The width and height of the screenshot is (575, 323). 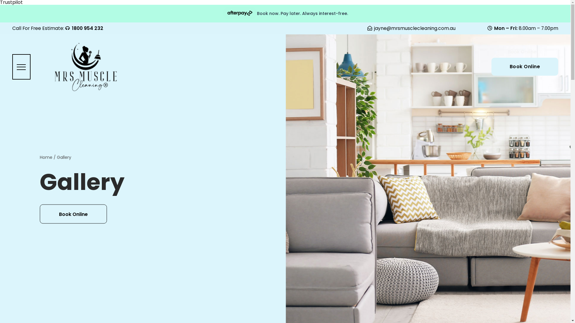 What do you see at coordinates (524, 67) in the screenshot?
I see `'Book Online'` at bounding box center [524, 67].